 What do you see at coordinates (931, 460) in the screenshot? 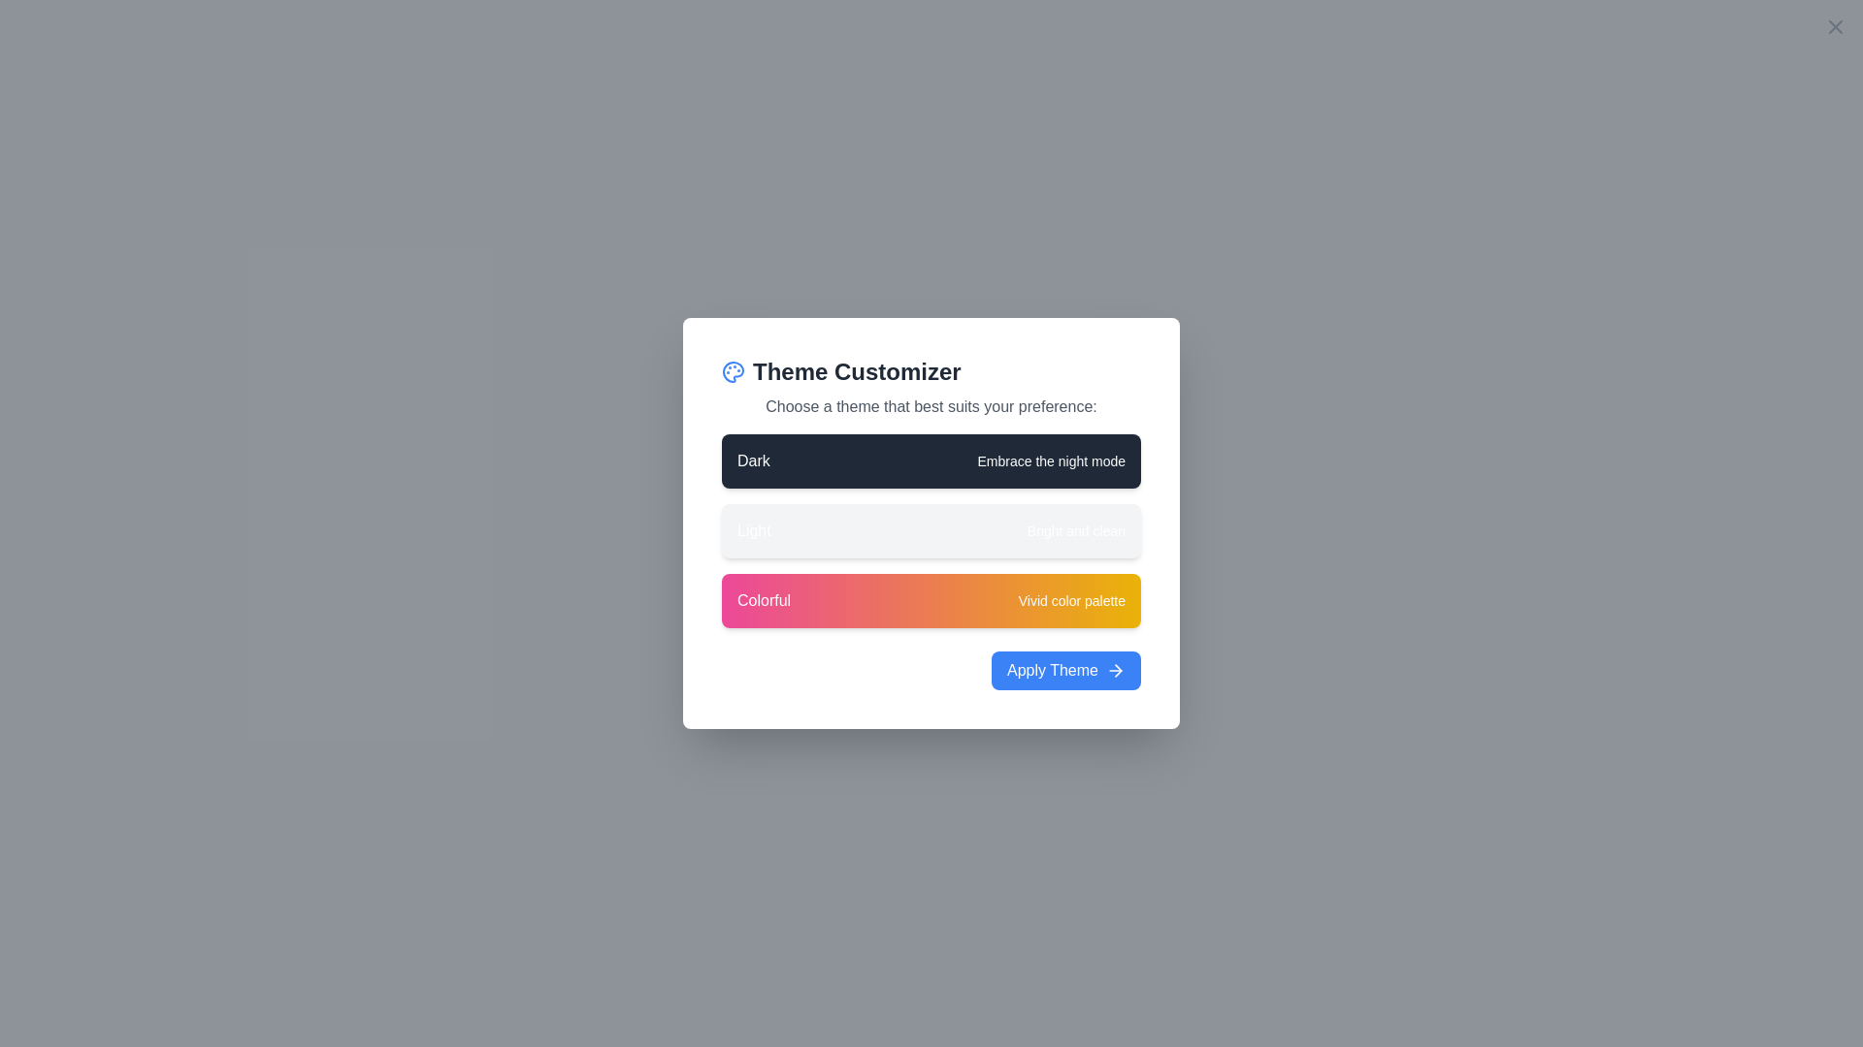
I see `the Theme selection button` at bounding box center [931, 460].